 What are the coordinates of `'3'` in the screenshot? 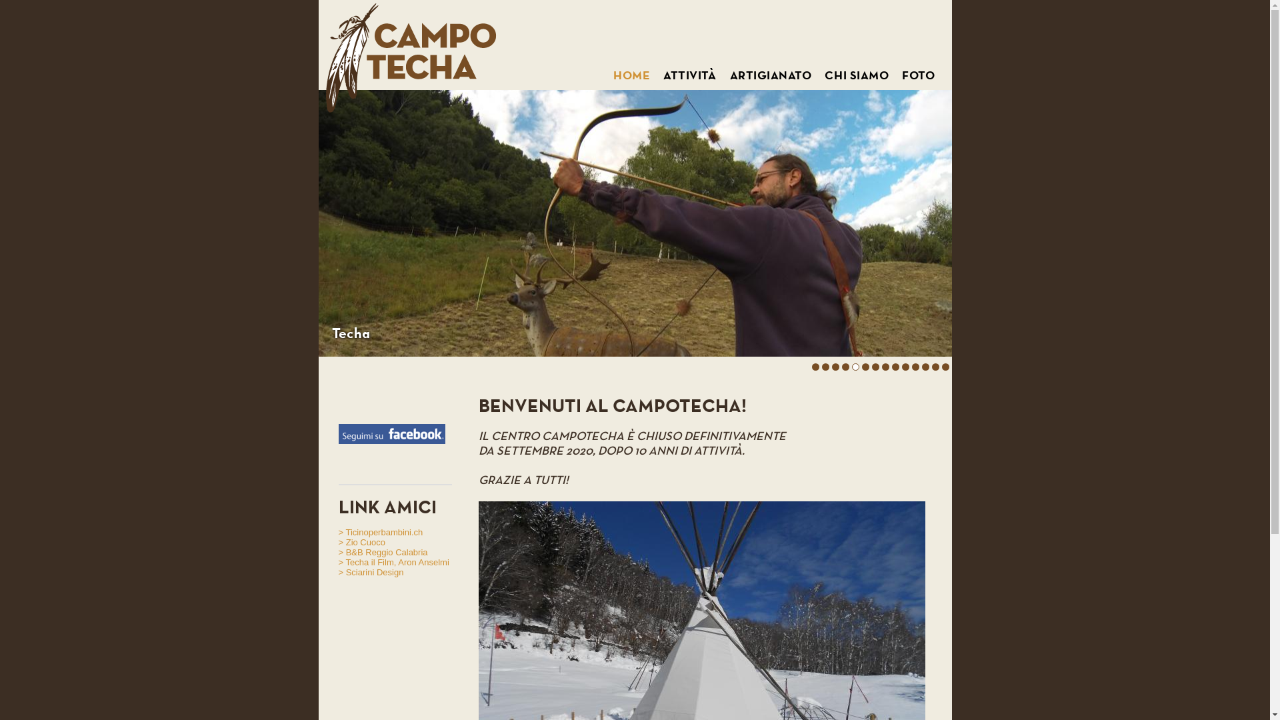 It's located at (834, 369).